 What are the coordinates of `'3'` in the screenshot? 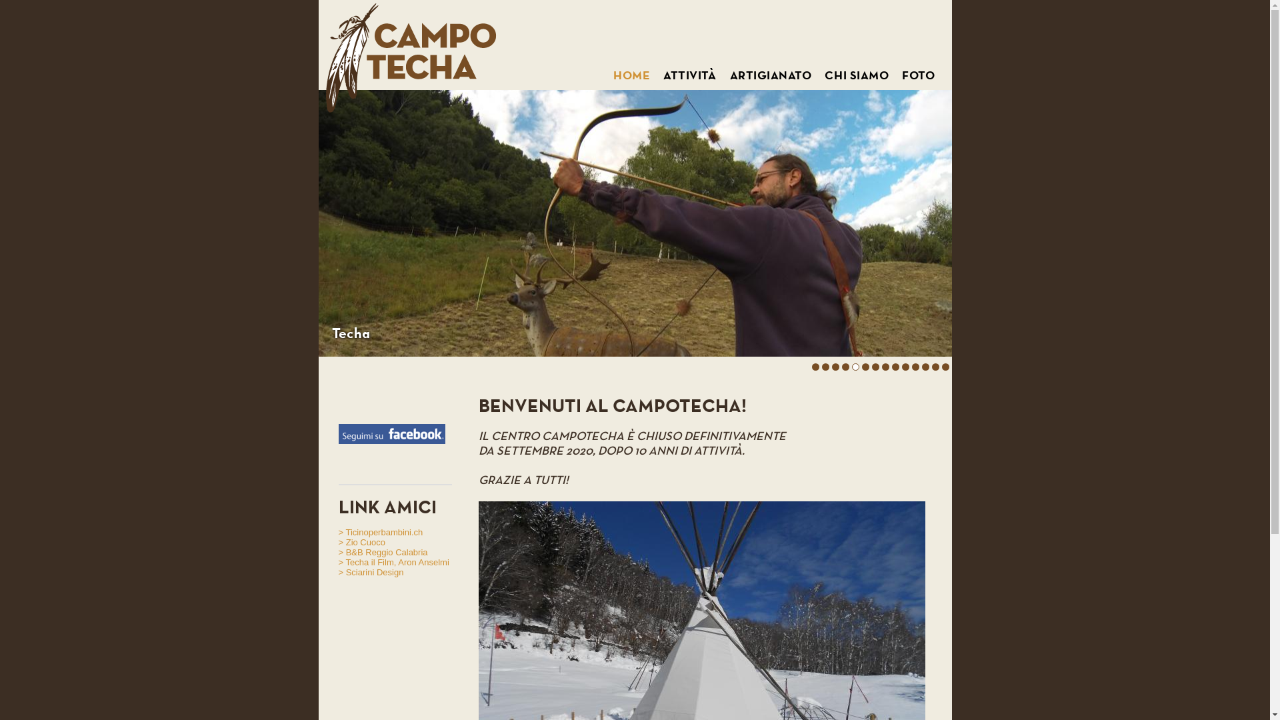 It's located at (834, 369).